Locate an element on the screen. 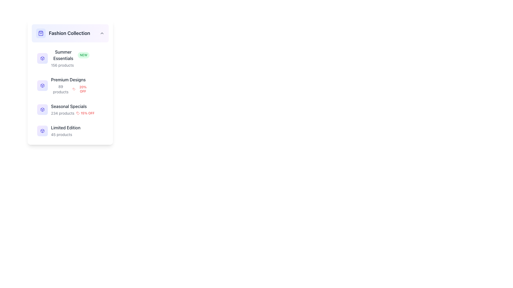 This screenshot has height=288, width=513. the Text Label that serves as a section label for seasonal special products, located in the sidebar labeled 'Fashion Collection', positioned between 'Premium Designs' and 'Limited Edition' is located at coordinates (74, 106).